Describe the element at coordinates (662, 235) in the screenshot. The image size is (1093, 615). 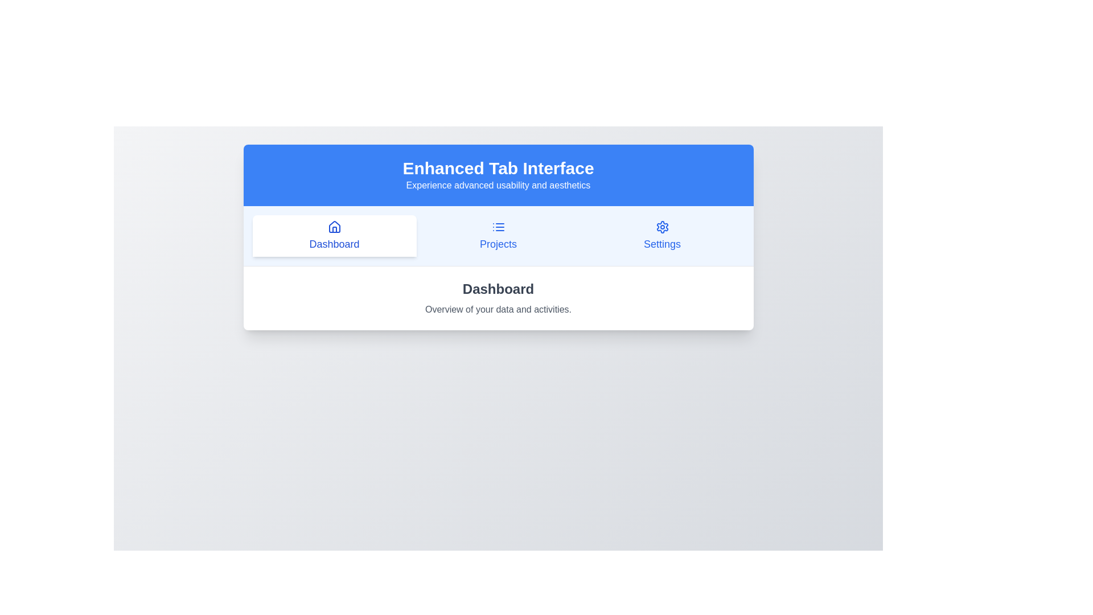
I see `the Settings tab` at that location.